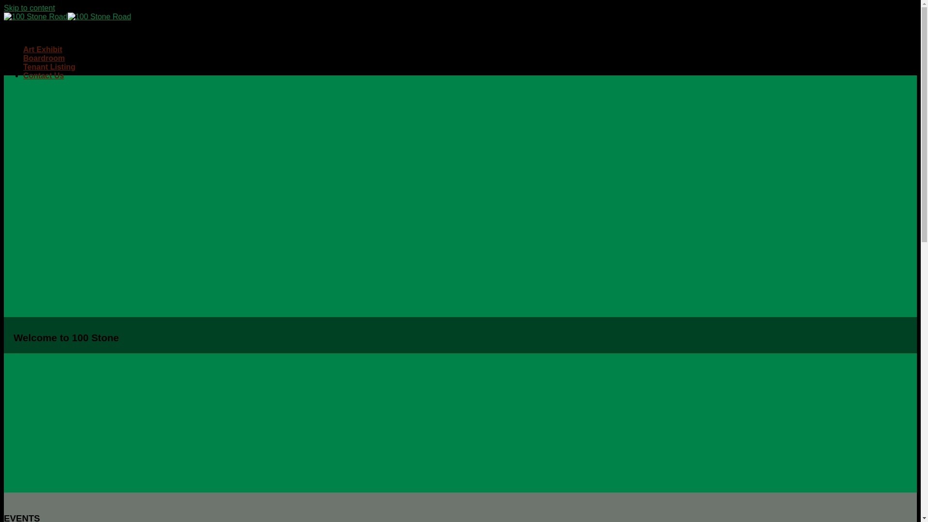 Image resolution: width=928 pixels, height=522 pixels. I want to click on 'Skip to content', so click(29, 8).